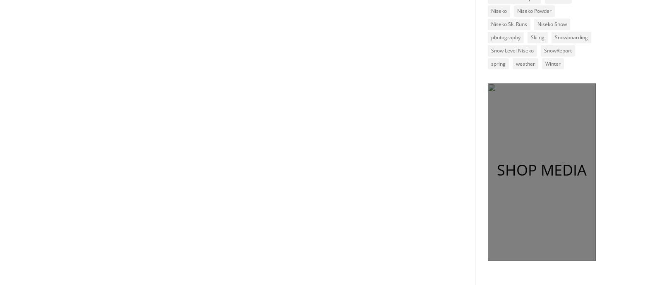 This screenshot has width=662, height=285. What do you see at coordinates (515, 63) in the screenshot?
I see `'weather'` at bounding box center [515, 63].